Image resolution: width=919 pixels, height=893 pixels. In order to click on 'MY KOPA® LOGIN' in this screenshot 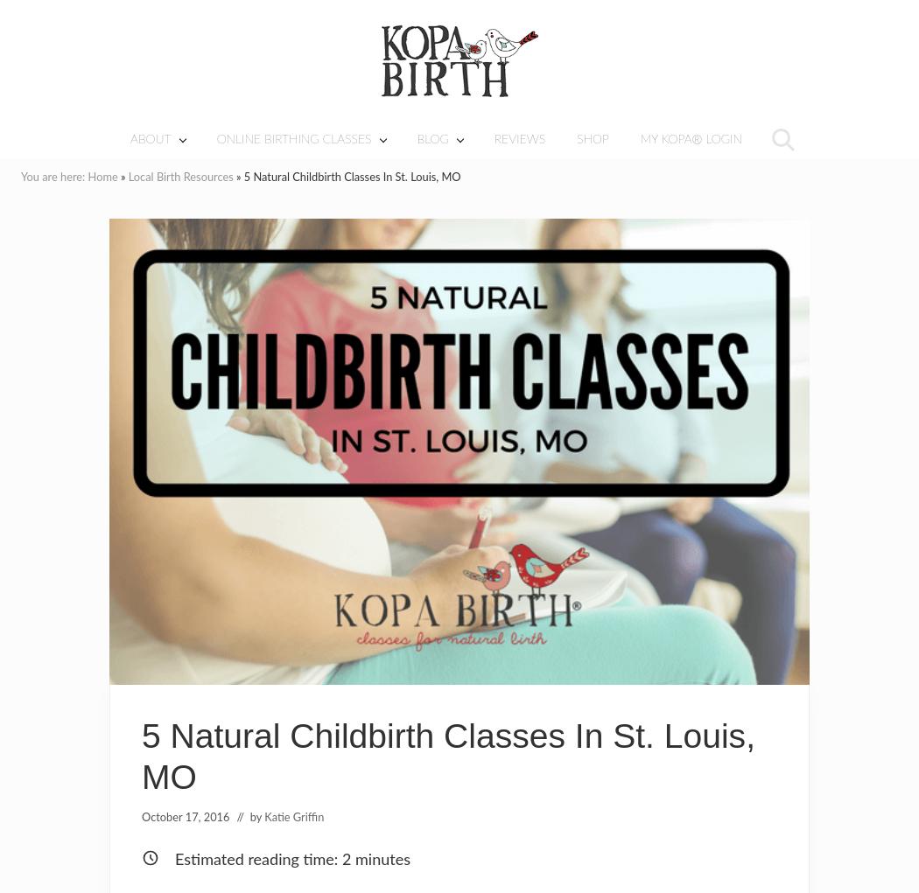, I will do `click(690, 138)`.